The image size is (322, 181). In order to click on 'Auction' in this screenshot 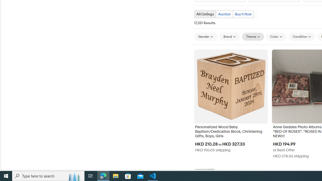, I will do `click(224, 14)`.